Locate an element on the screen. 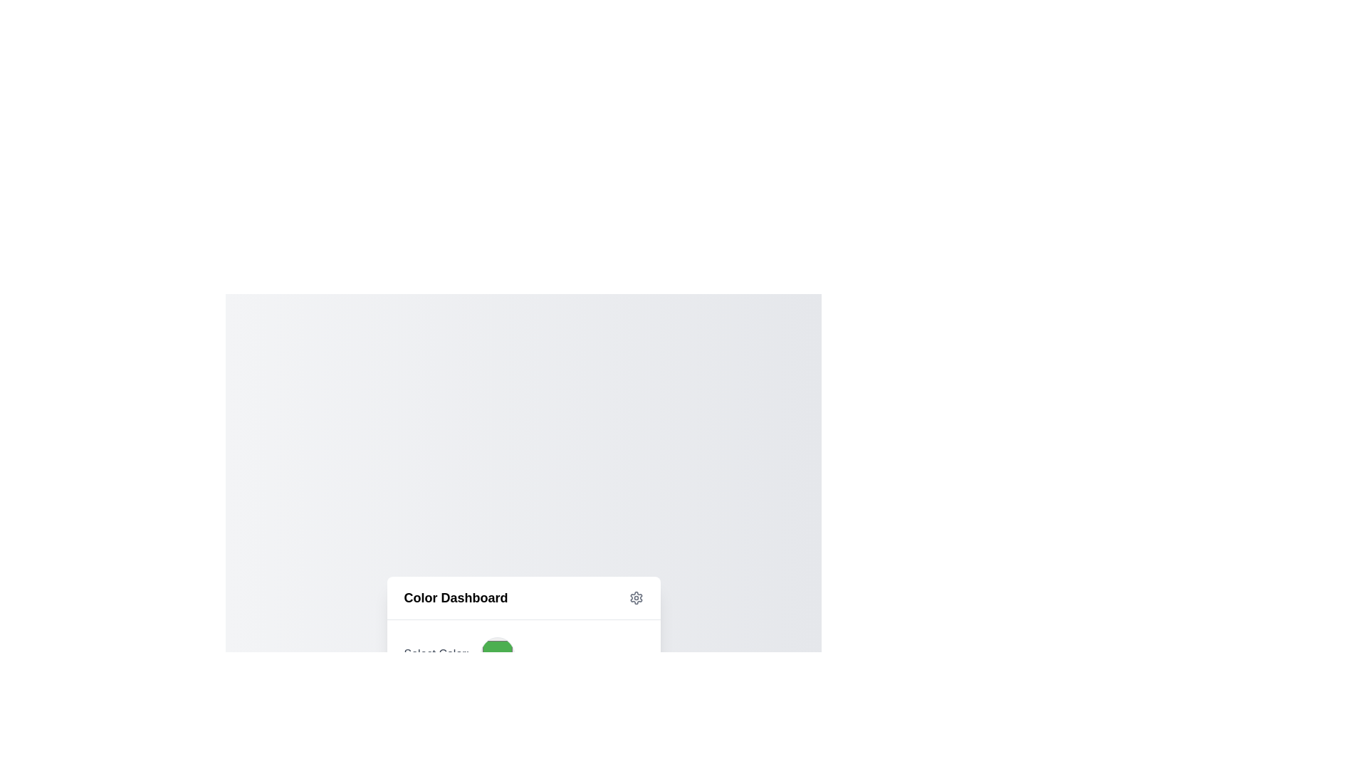 This screenshot has width=1367, height=769. the settings button, represented by a gear icon with a gray stroke, located at the top-right corner of the 'Color Dashboard' section is located at coordinates (635, 598).